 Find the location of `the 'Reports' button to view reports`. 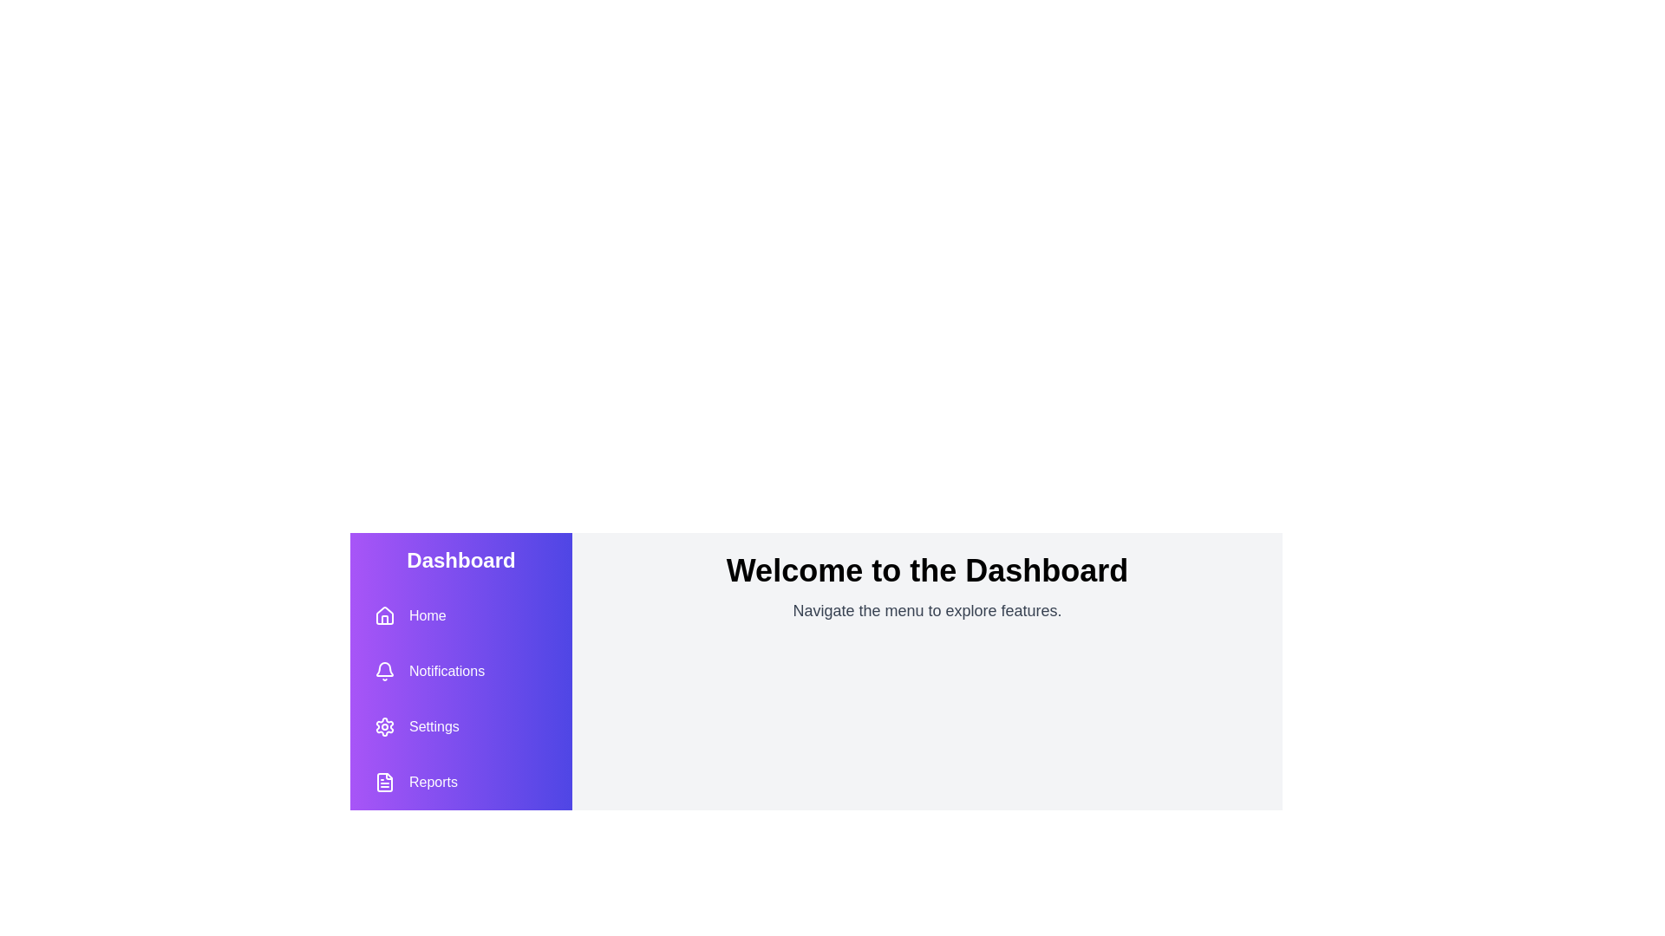

the 'Reports' button to view reports is located at coordinates (416, 782).